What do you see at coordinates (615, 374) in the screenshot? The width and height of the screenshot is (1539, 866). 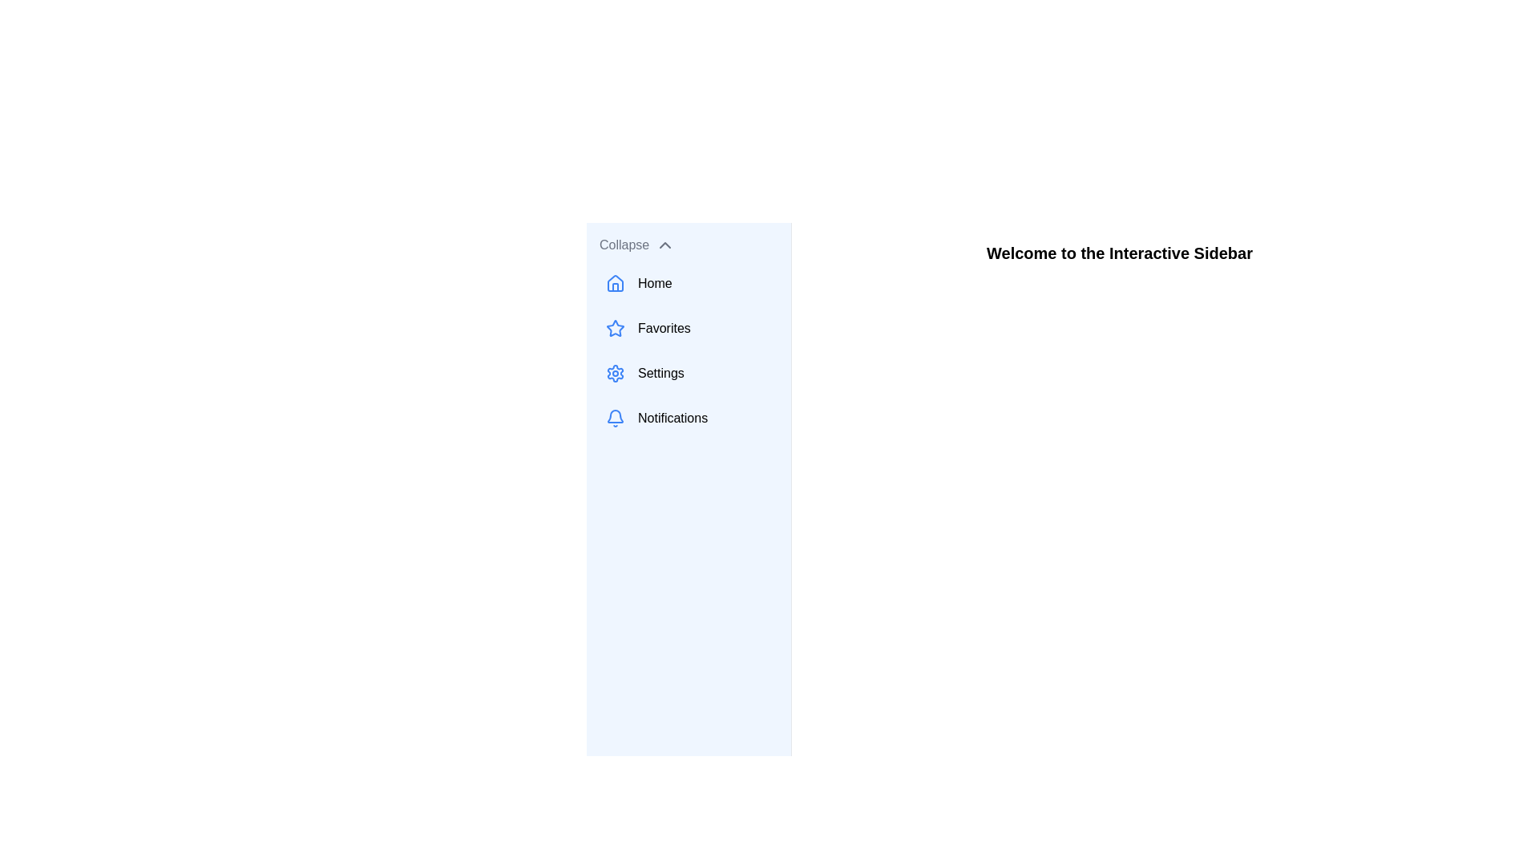 I see `the gear-shaped icon representing the 'Settings' option in the sidebar, which is located near the 'Settings' label` at bounding box center [615, 374].